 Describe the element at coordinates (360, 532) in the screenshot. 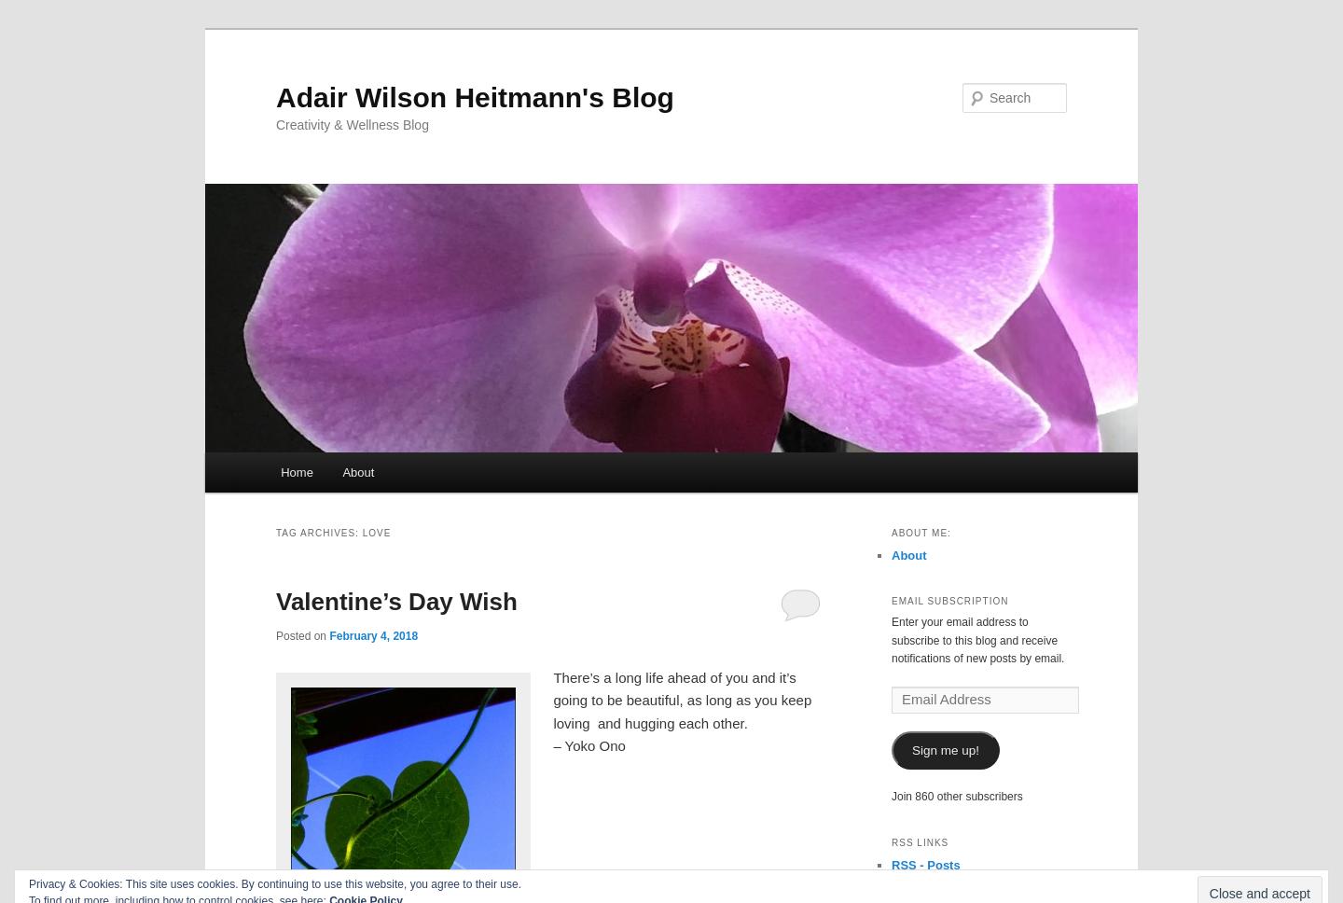

I see `'Love'` at that location.